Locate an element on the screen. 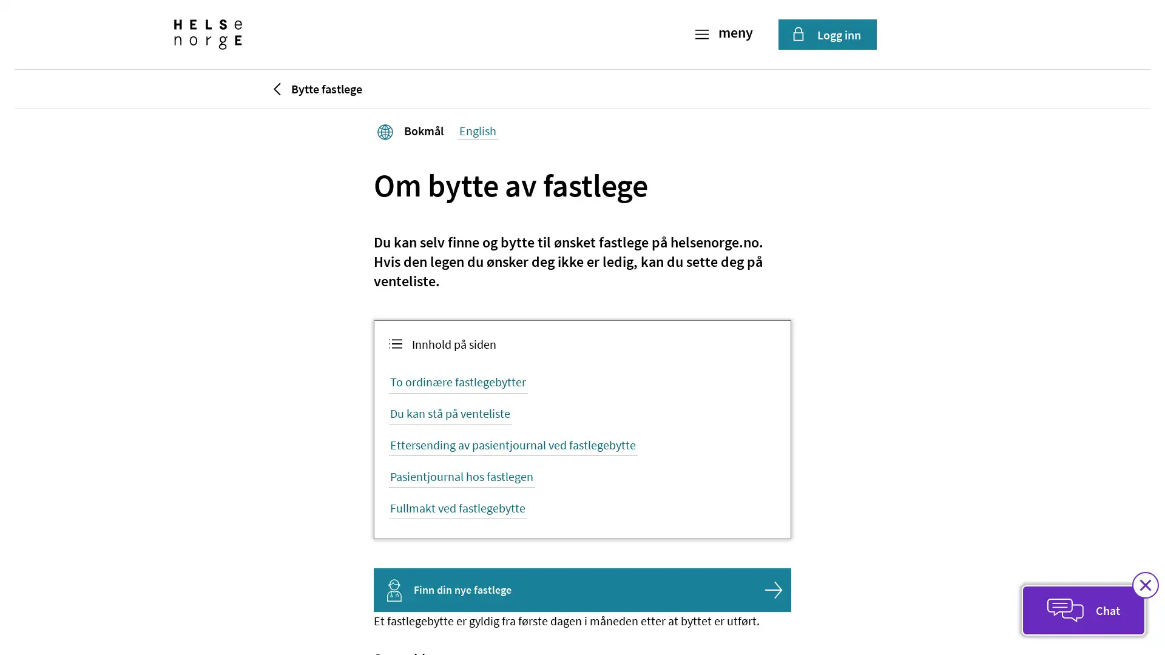 The height and width of the screenshot is (655, 1165). Logg inn is located at coordinates (826, 34).